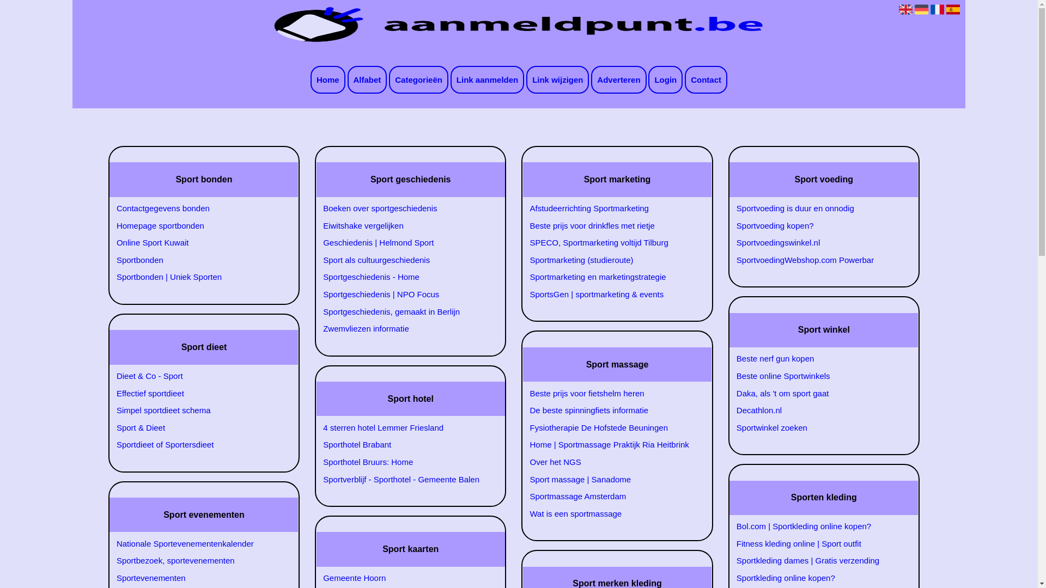  What do you see at coordinates (611, 260) in the screenshot?
I see `'Sportmarketing (studieroute)'` at bounding box center [611, 260].